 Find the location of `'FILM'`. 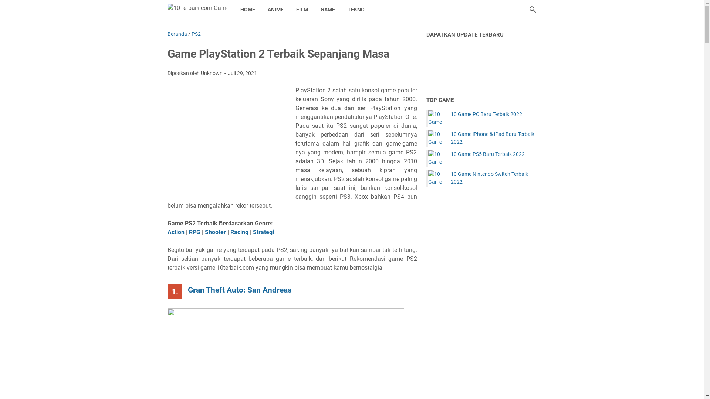

'FILM' is located at coordinates (302, 10).